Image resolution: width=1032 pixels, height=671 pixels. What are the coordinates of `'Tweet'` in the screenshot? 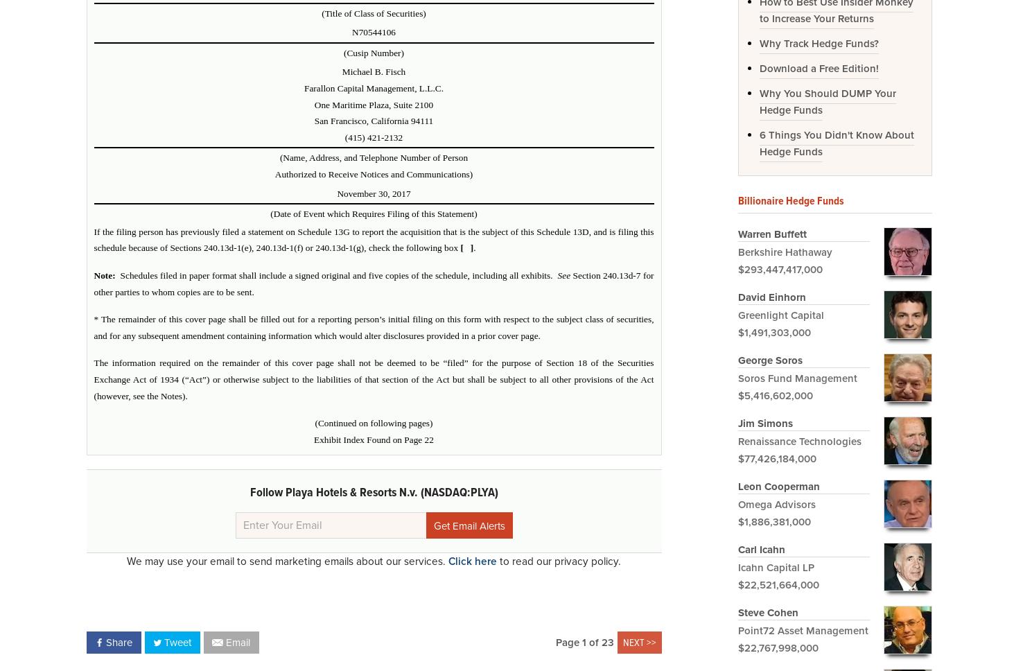 It's located at (177, 641).